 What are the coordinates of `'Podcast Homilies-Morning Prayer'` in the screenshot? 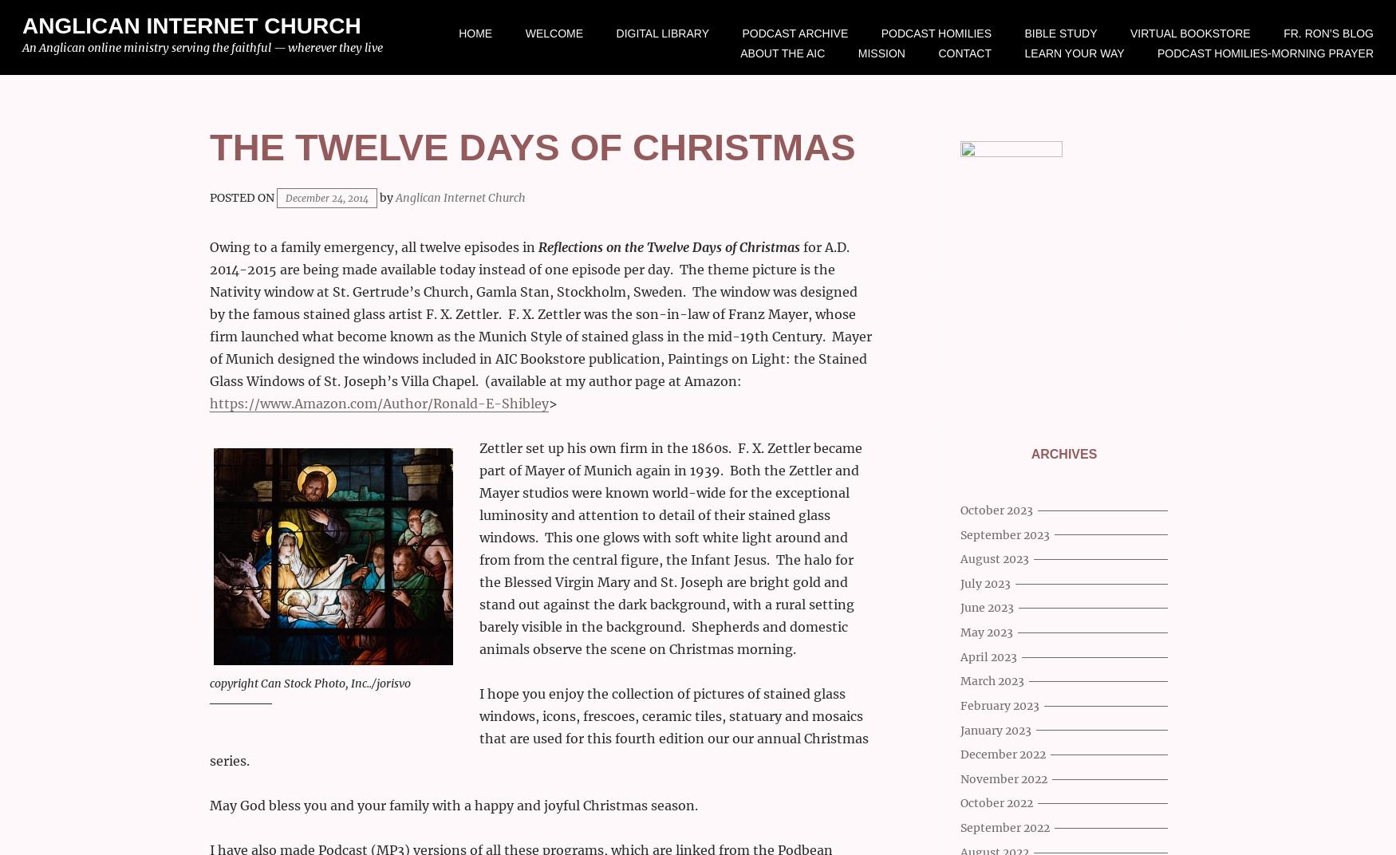 It's located at (1265, 52).